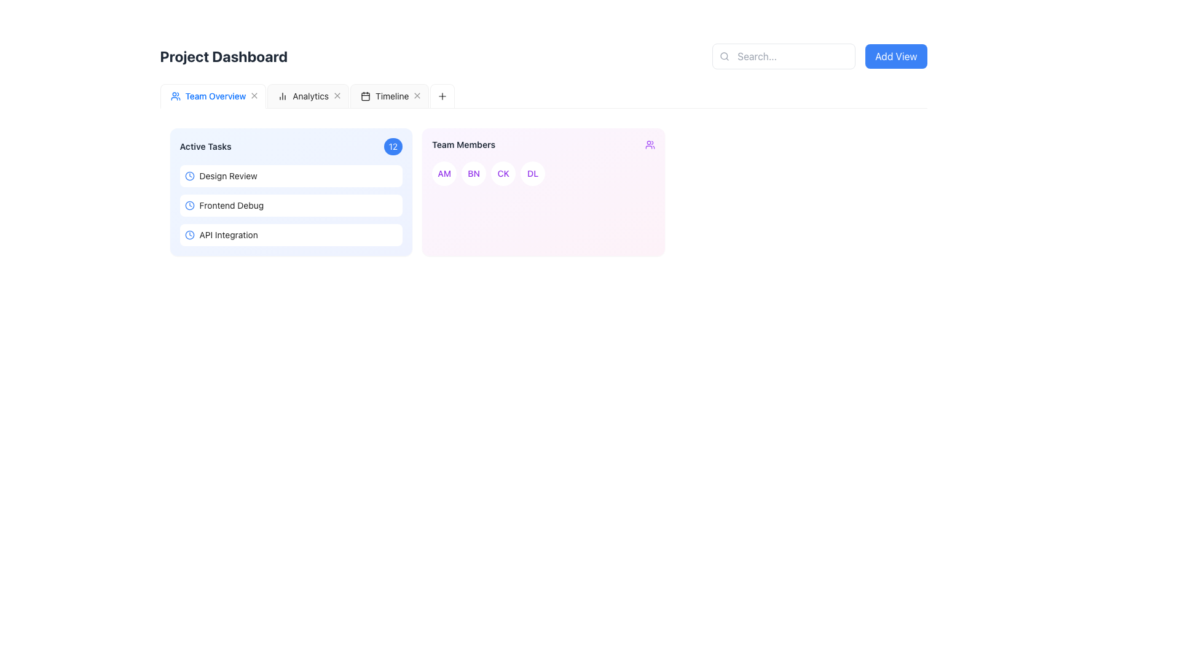 The width and height of the screenshot is (1180, 663). Describe the element at coordinates (308, 96) in the screenshot. I see `the 'Analytics' tab in the tabbed navigation system` at that location.